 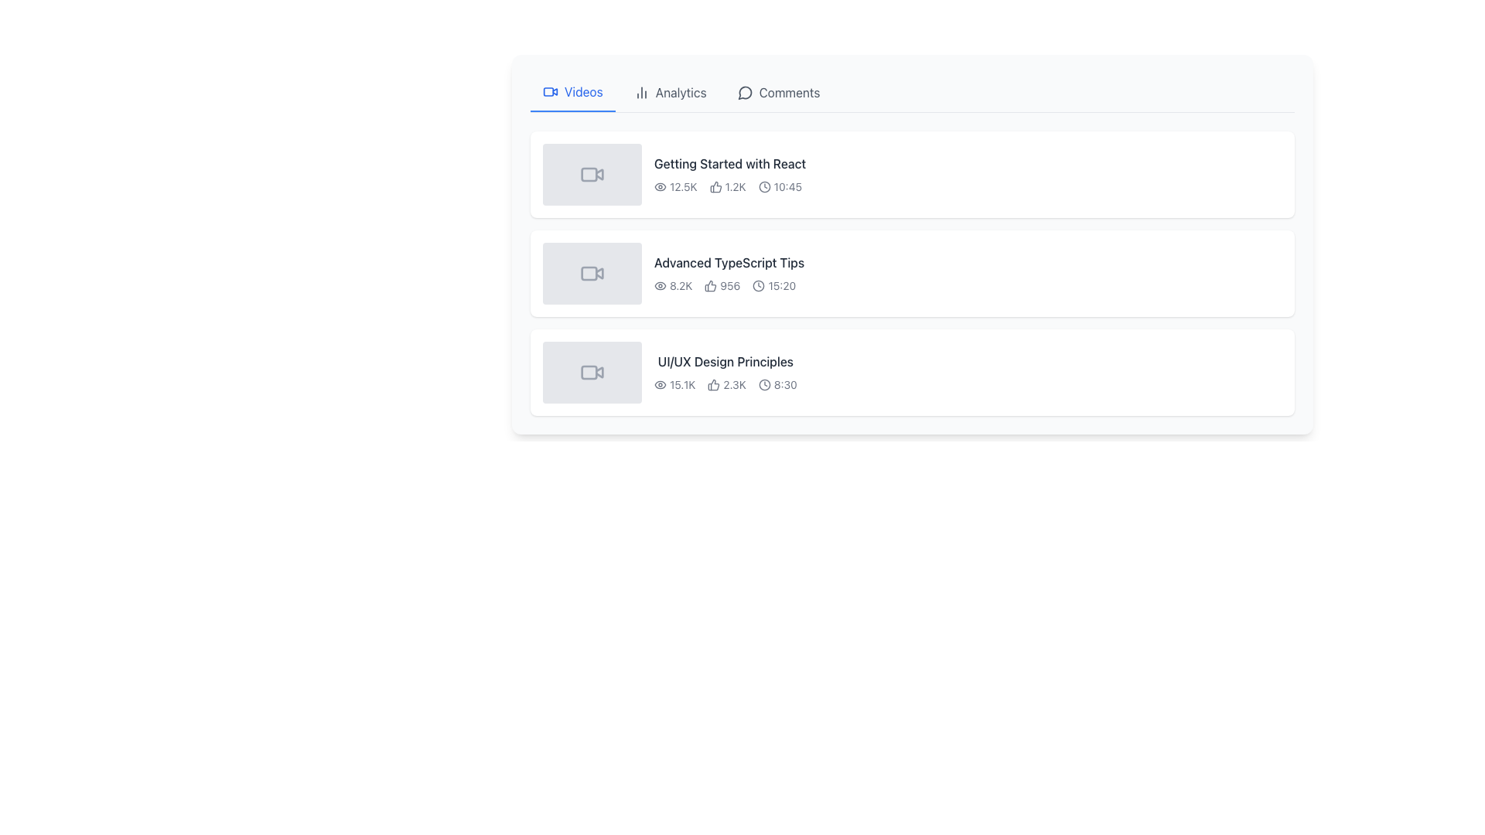 I want to click on the video icon styled with an SVG representing a rectangle with rounded corners and a right-pointing triangle, located in the second item of the vertical list for 'Advanced TypeScript Tips', so click(x=592, y=273).